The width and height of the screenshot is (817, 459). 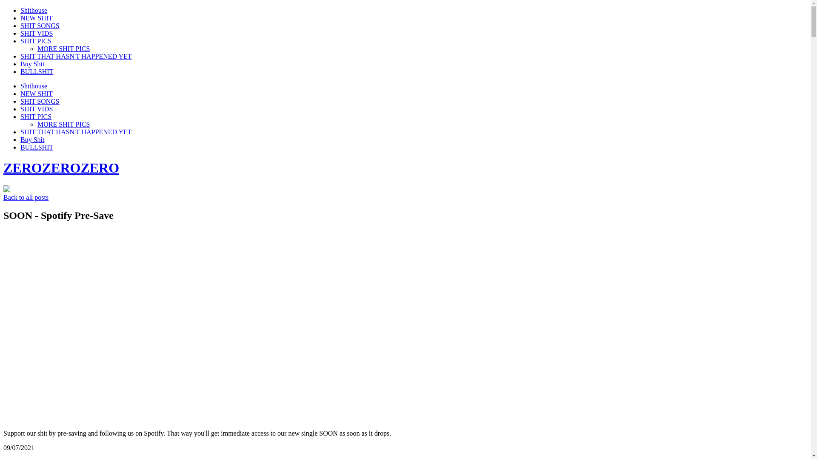 What do you see at coordinates (20, 71) in the screenshot?
I see `'BULLSHIT'` at bounding box center [20, 71].